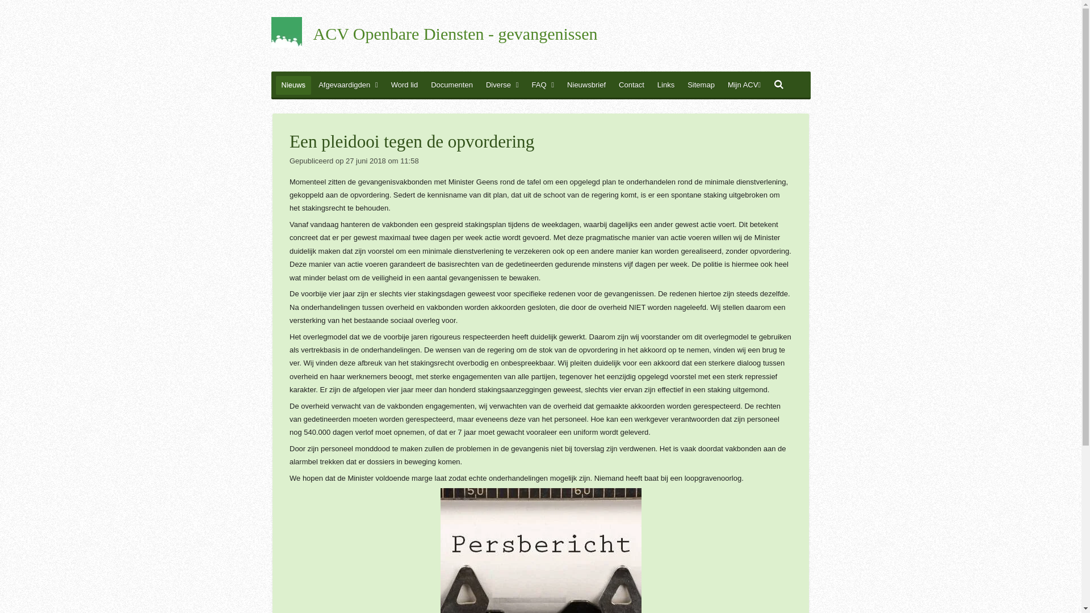 The width and height of the screenshot is (1090, 613). I want to click on 'Links', so click(665, 85).